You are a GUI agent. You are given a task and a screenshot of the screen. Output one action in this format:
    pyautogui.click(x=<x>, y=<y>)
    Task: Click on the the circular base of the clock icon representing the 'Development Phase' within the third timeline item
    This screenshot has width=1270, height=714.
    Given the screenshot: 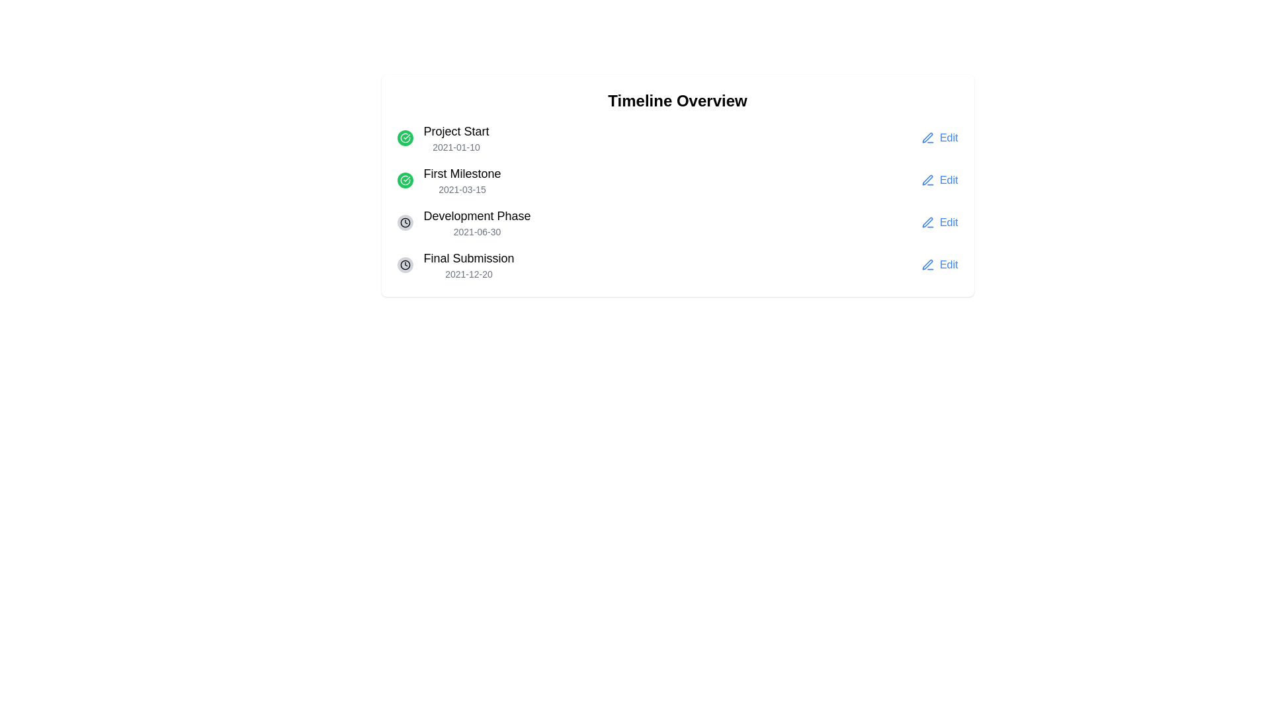 What is the action you would take?
    pyautogui.click(x=404, y=265)
    